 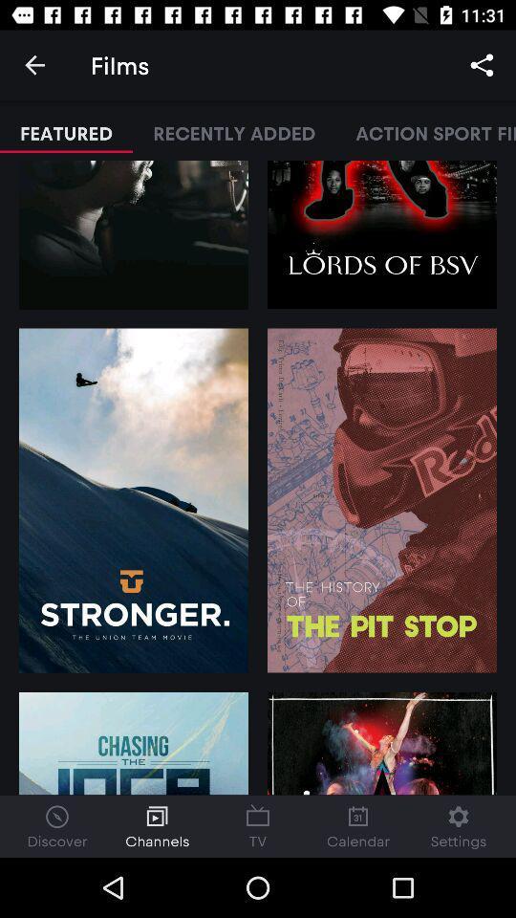 I want to click on the date_range icon, so click(x=258, y=825).